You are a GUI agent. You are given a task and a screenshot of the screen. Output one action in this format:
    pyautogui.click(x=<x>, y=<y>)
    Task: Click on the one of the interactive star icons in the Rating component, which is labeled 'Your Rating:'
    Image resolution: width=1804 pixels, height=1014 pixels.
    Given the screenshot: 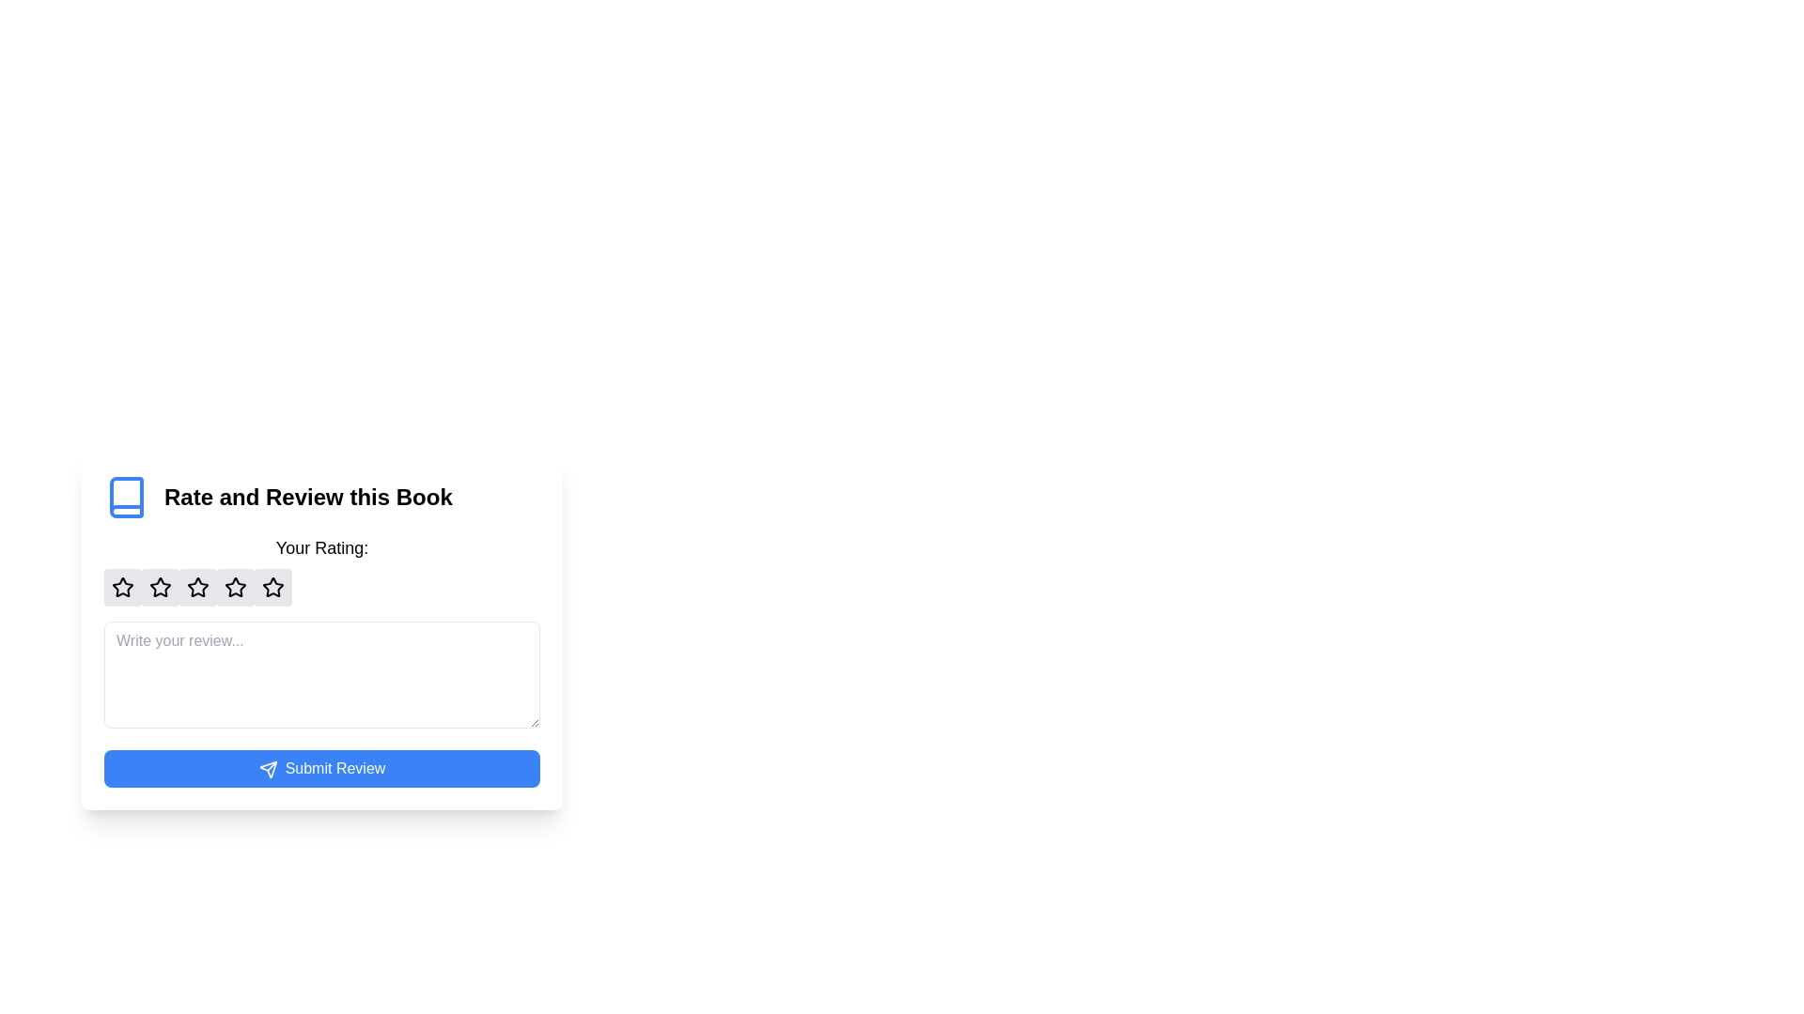 What is the action you would take?
    pyautogui.click(x=321, y=586)
    